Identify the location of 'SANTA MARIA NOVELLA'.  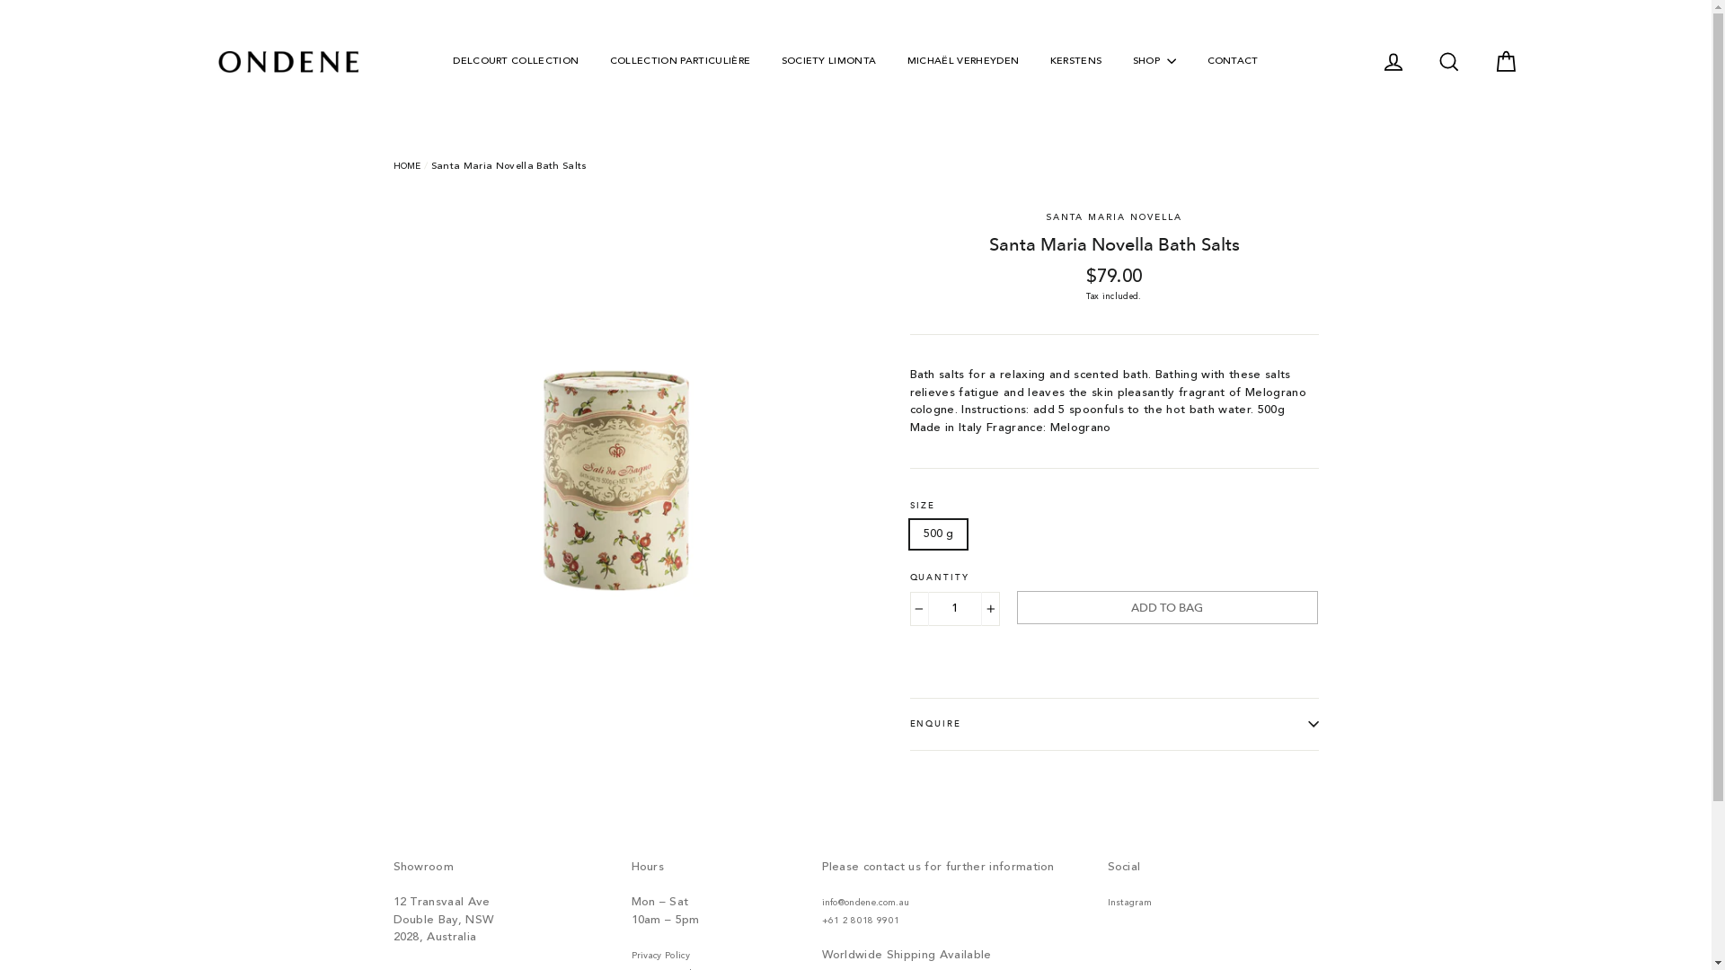
(1045, 215).